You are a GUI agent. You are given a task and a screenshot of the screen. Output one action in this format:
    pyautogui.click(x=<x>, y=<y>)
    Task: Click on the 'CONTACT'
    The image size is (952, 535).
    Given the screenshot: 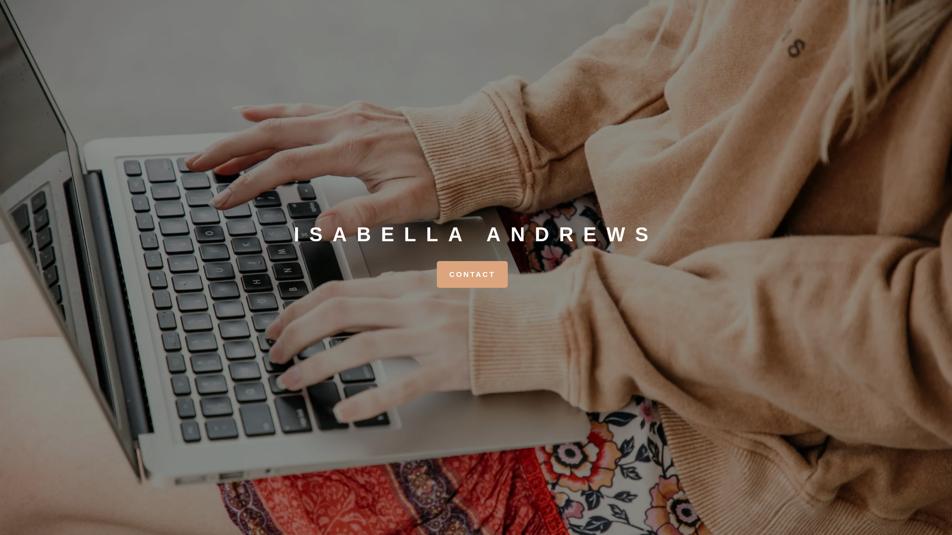 What is the action you would take?
    pyautogui.click(x=472, y=274)
    